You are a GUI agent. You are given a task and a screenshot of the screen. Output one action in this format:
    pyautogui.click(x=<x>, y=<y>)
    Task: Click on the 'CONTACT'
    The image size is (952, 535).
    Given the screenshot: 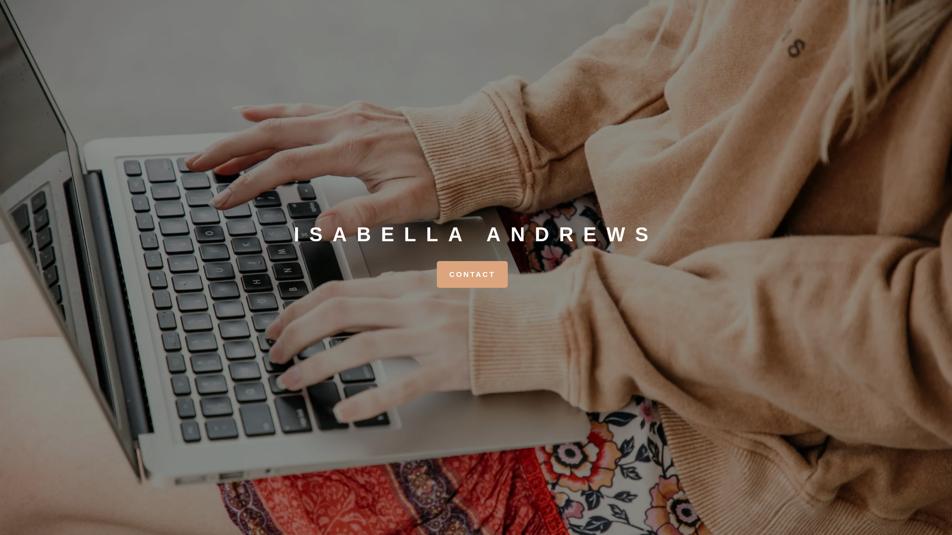 What is the action you would take?
    pyautogui.click(x=472, y=274)
    